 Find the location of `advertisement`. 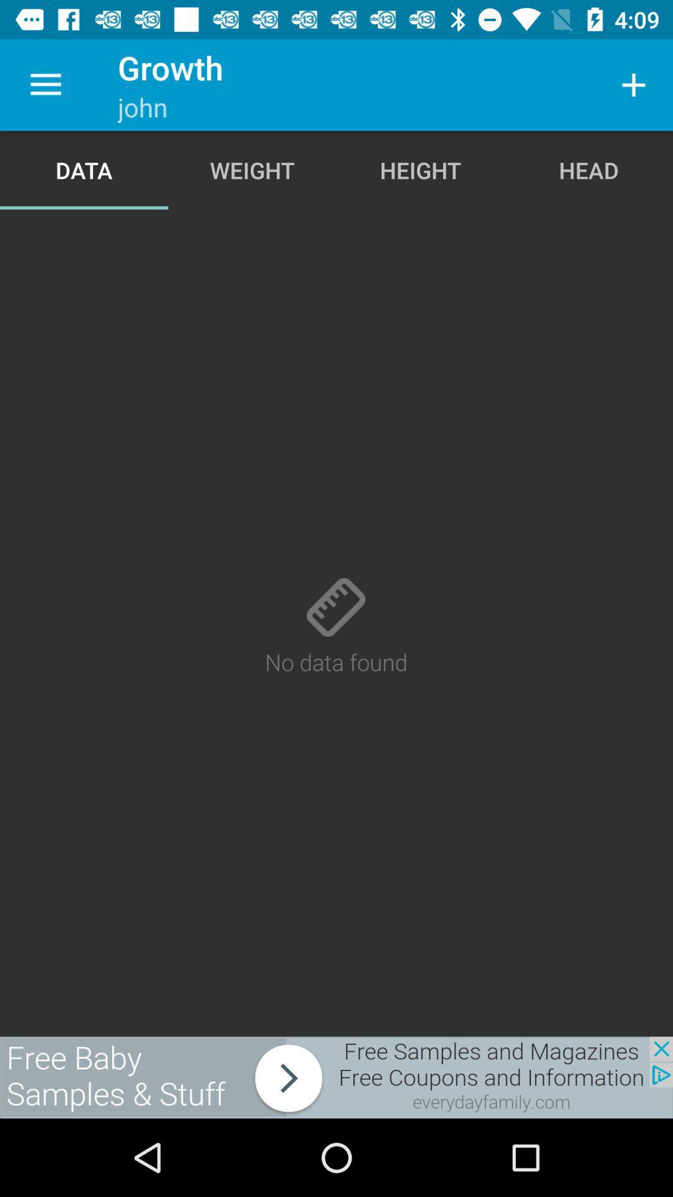

advertisement is located at coordinates (336, 1077).